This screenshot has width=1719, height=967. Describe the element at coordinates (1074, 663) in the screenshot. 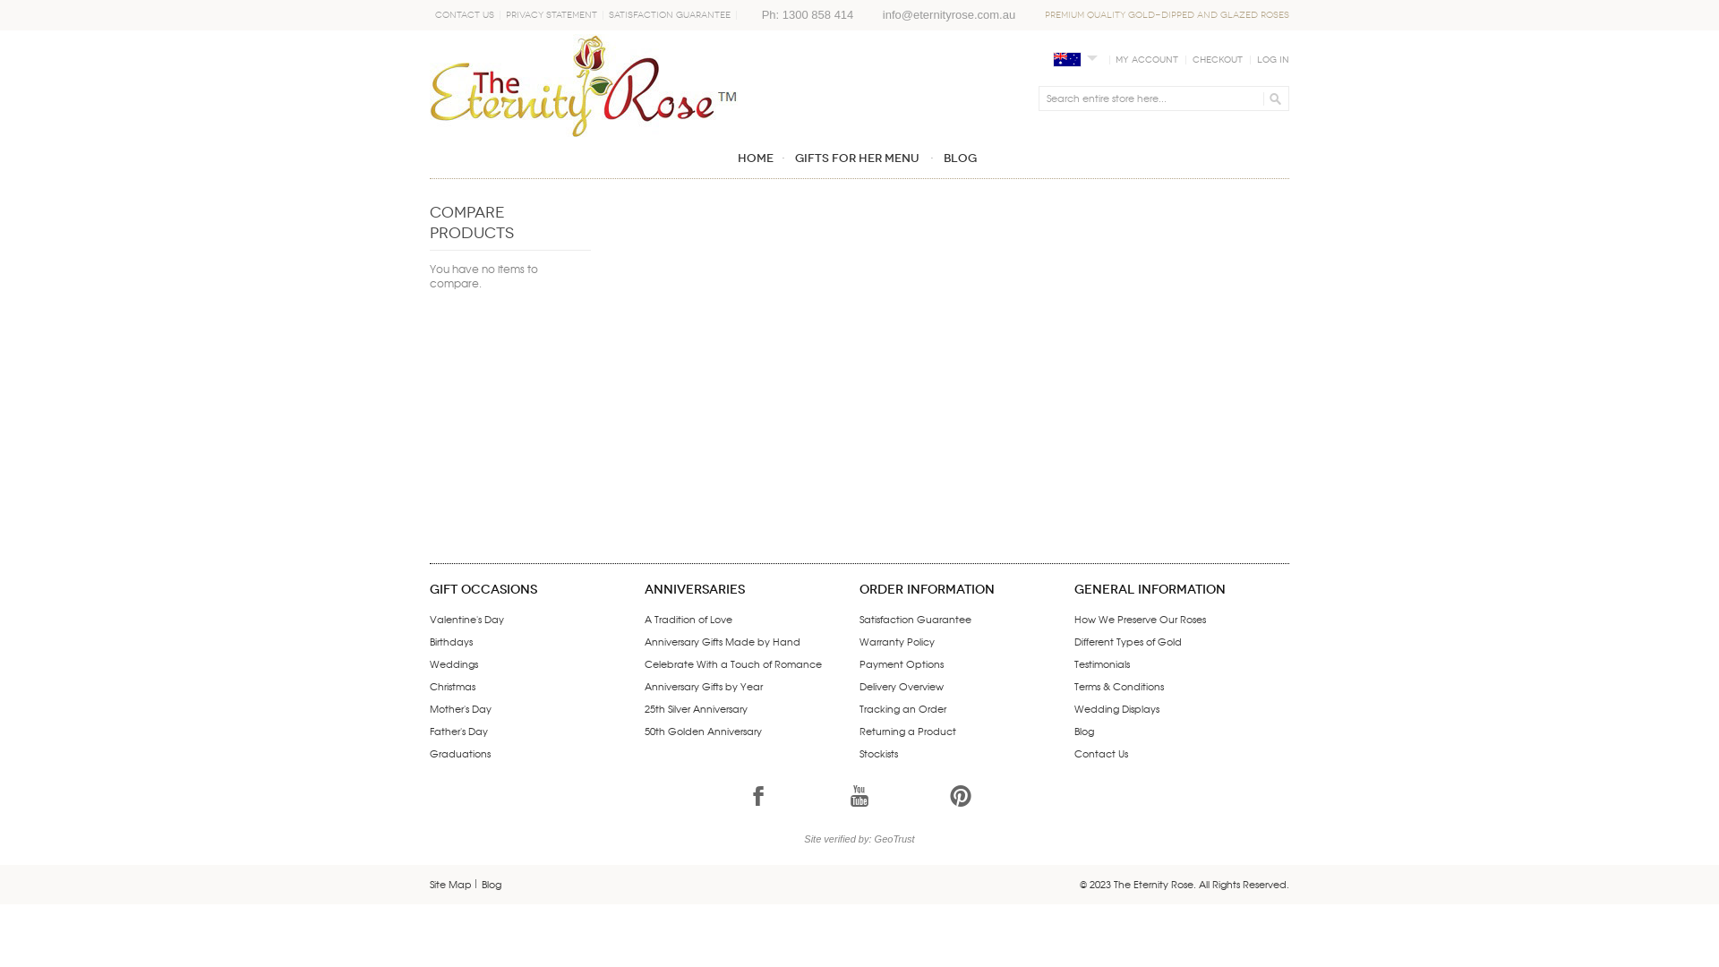

I see `'Testimonials'` at that location.